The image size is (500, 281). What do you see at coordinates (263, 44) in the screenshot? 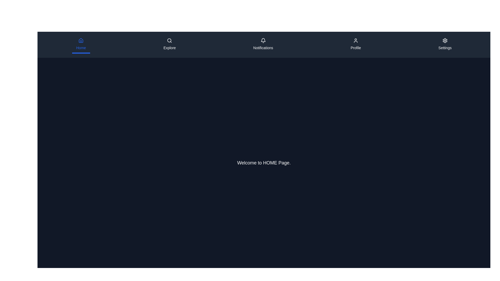
I see `the 'Notifications' button, which features a bell icon above the label 'Notifications', located in the top navigation bar, third from the left` at bounding box center [263, 44].